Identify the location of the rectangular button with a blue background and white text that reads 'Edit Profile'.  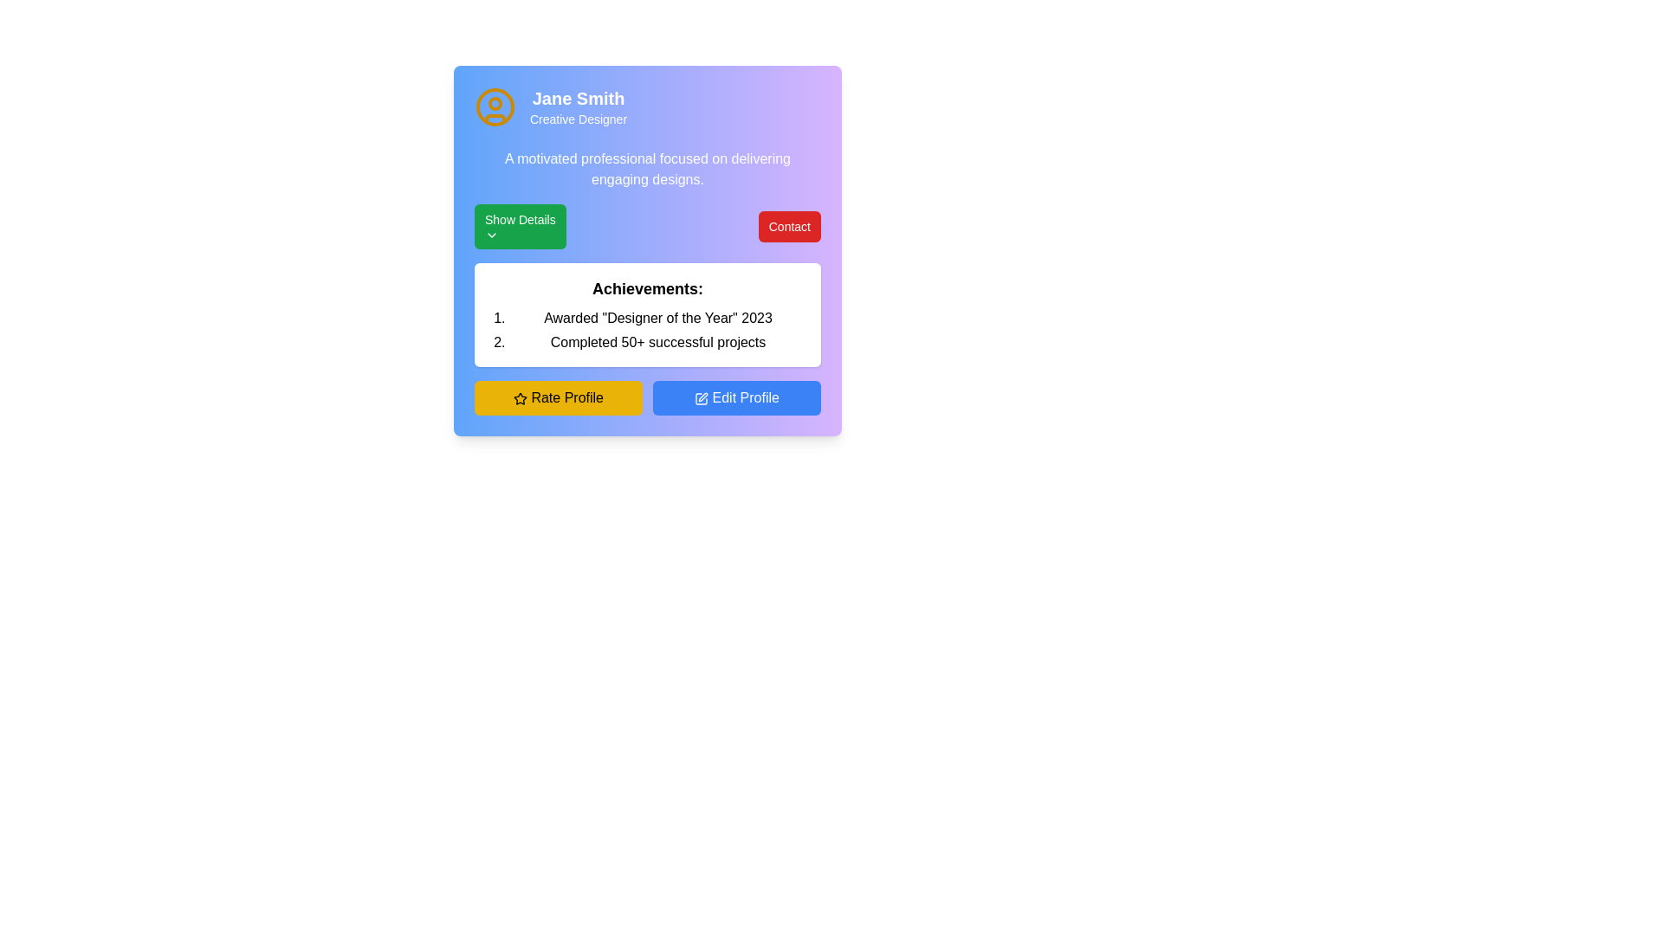
(736, 397).